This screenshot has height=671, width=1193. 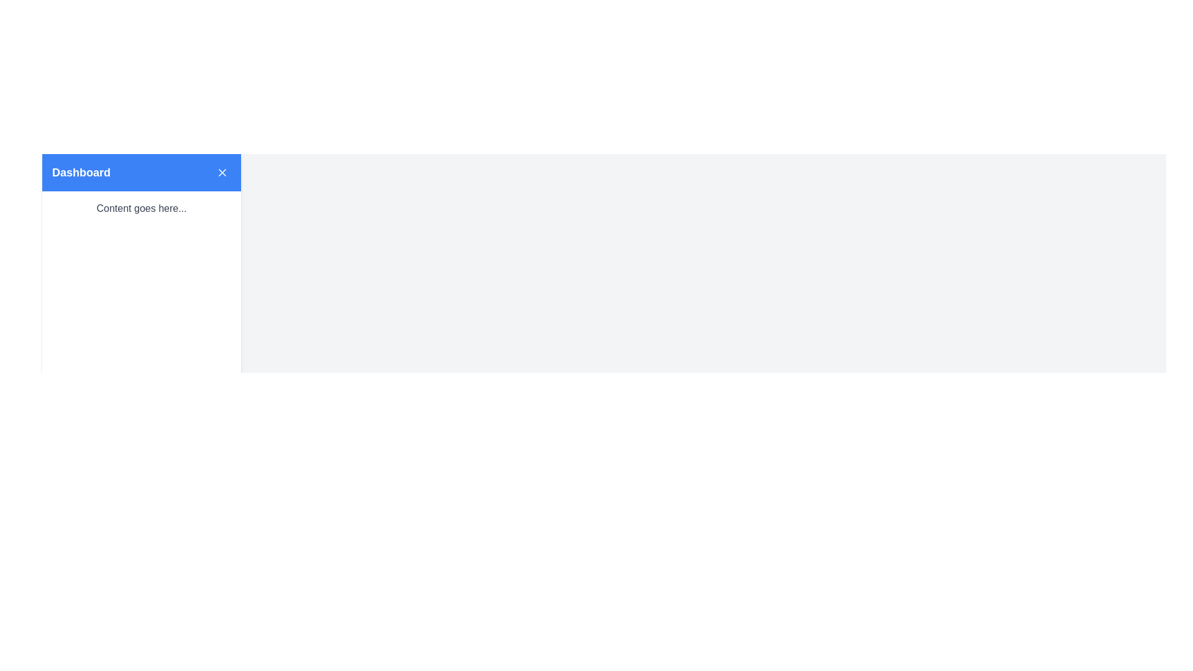 I want to click on the close icon, which is a white X shape on a blue background located in the top-right corner of the 'Dashboard' header bar, so click(x=222, y=172).